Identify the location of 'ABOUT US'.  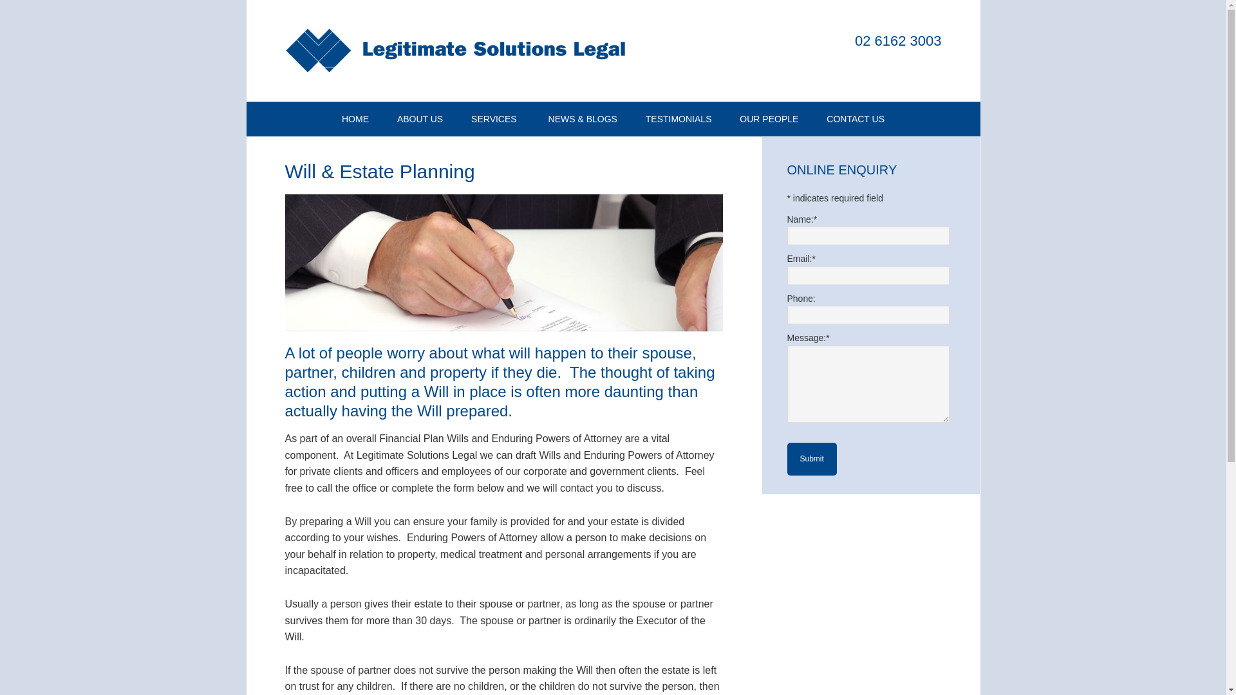
(420, 119).